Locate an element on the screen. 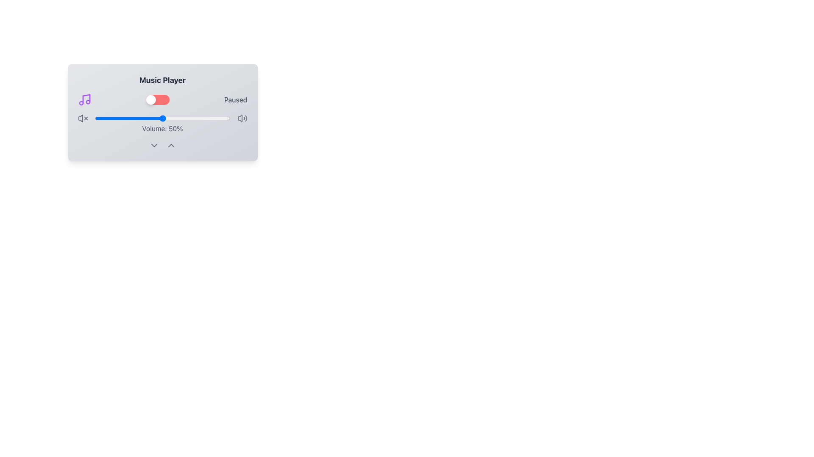 The height and width of the screenshot is (457, 814). the toggle switch handle located at the leftmost position of the toggle switch component, which is below the 'Music Player' text is located at coordinates (151, 99).